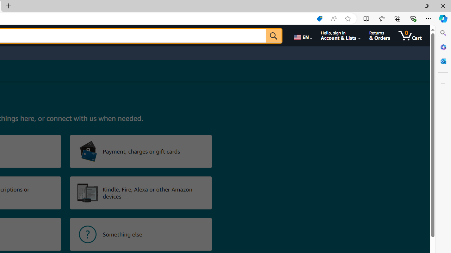 The width and height of the screenshot is (451, 253). What do you see at coordinates (379, 35) in the screenshot?
I see `'Returns & Orders'` at bounding box center [379, 35].